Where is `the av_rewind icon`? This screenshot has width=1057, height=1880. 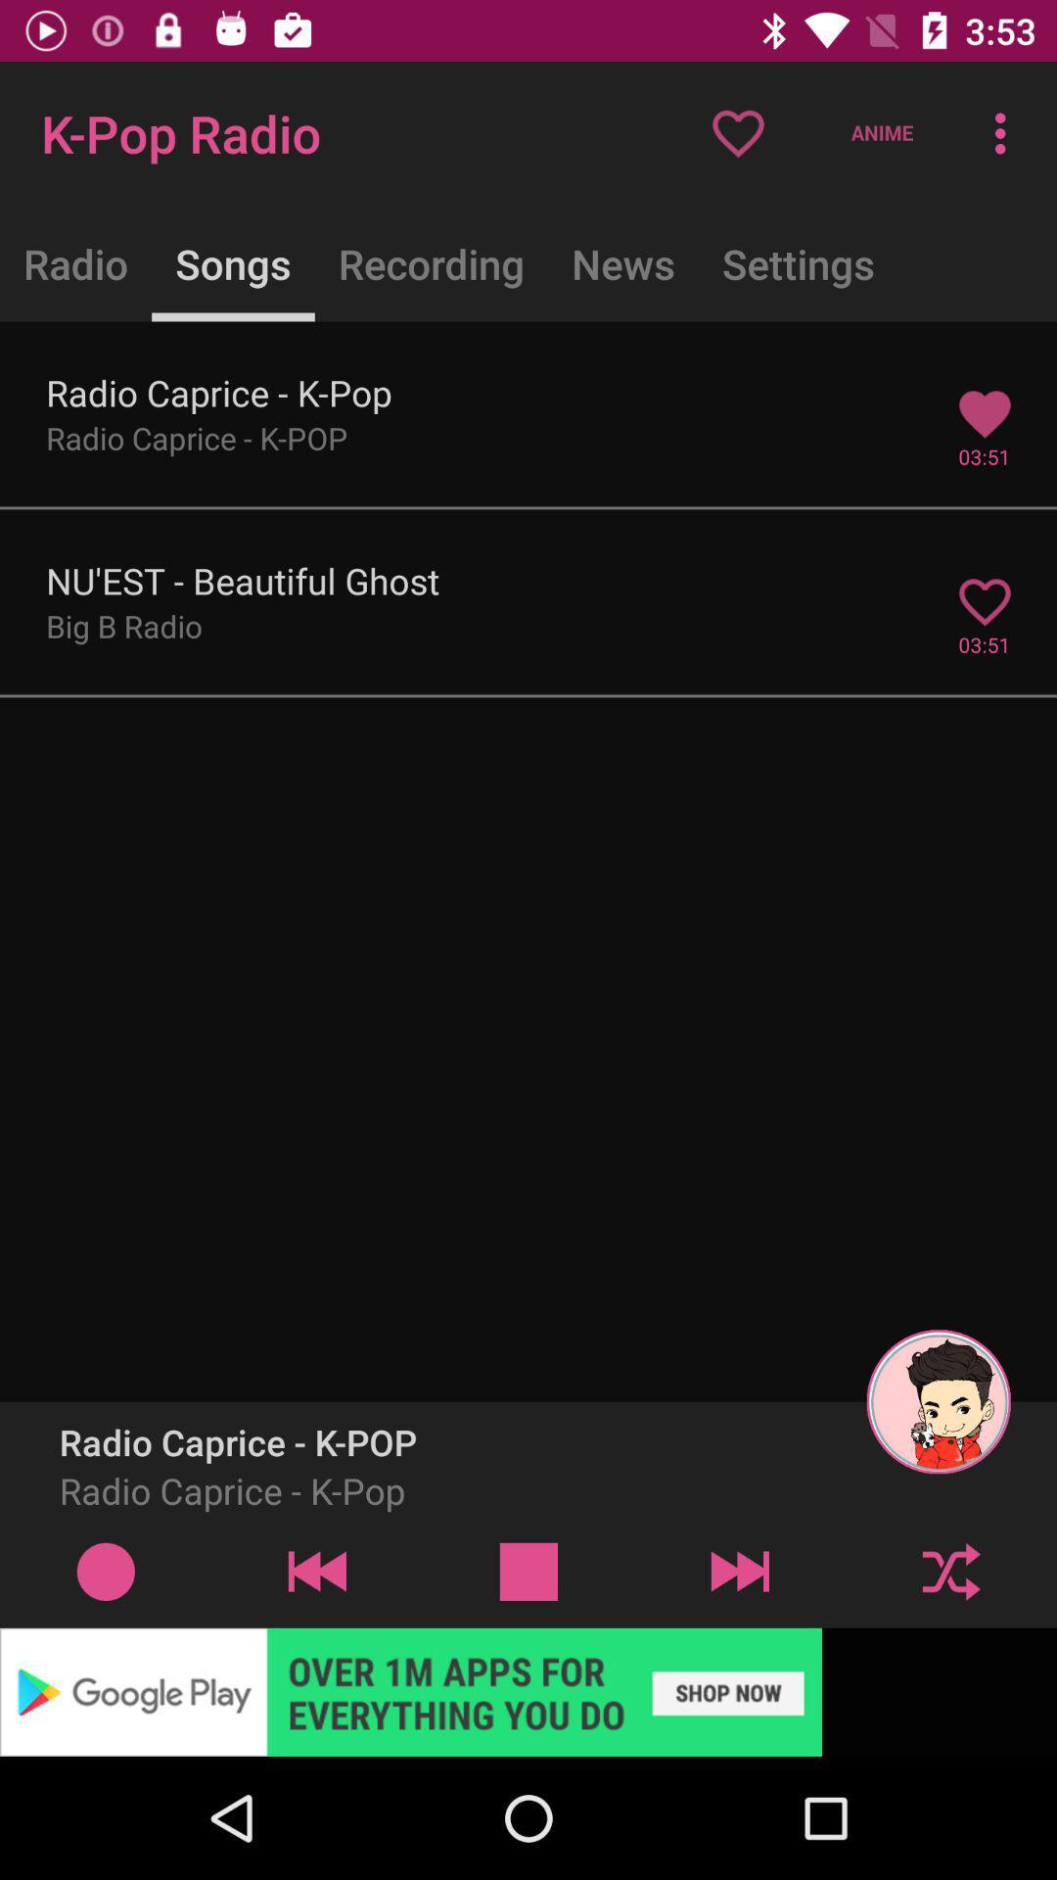
the av_rewind icon is located at coordinates (316, 1571).